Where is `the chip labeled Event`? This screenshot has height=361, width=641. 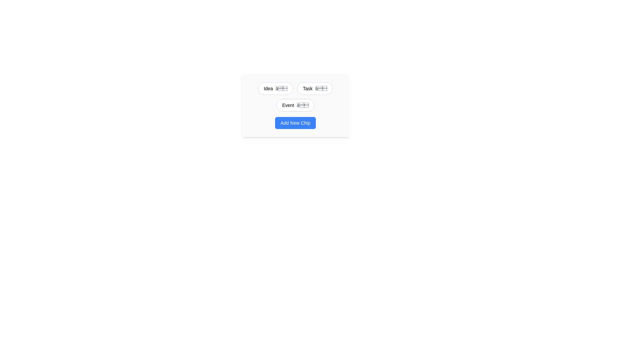
the chip labeled Event is located at coordinates (288, 105).